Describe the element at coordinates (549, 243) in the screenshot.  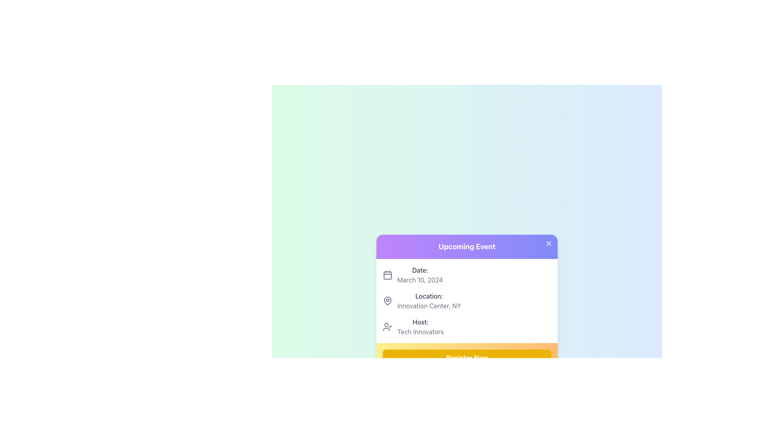
I see `the diagonal line of the cross icon located at the top-right corner of the 'Upcoming Event' card, which serves as a close or dismiss action` at that location.